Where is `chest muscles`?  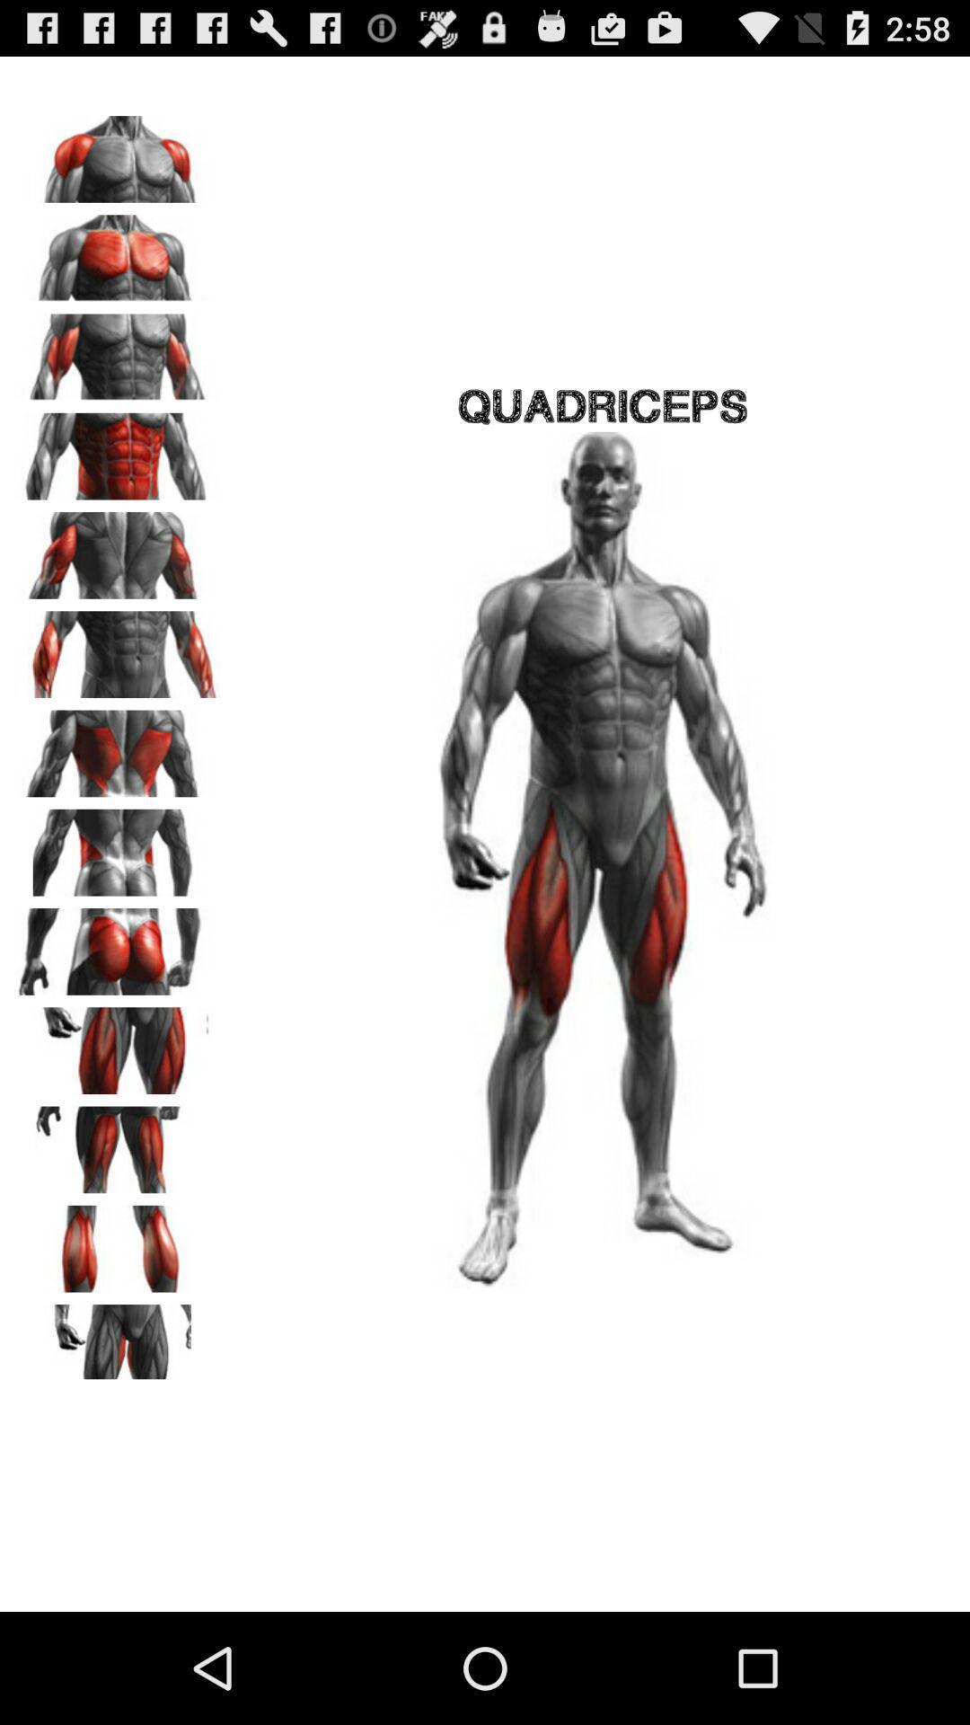 chest muscles is located at coordinates (118, 251).